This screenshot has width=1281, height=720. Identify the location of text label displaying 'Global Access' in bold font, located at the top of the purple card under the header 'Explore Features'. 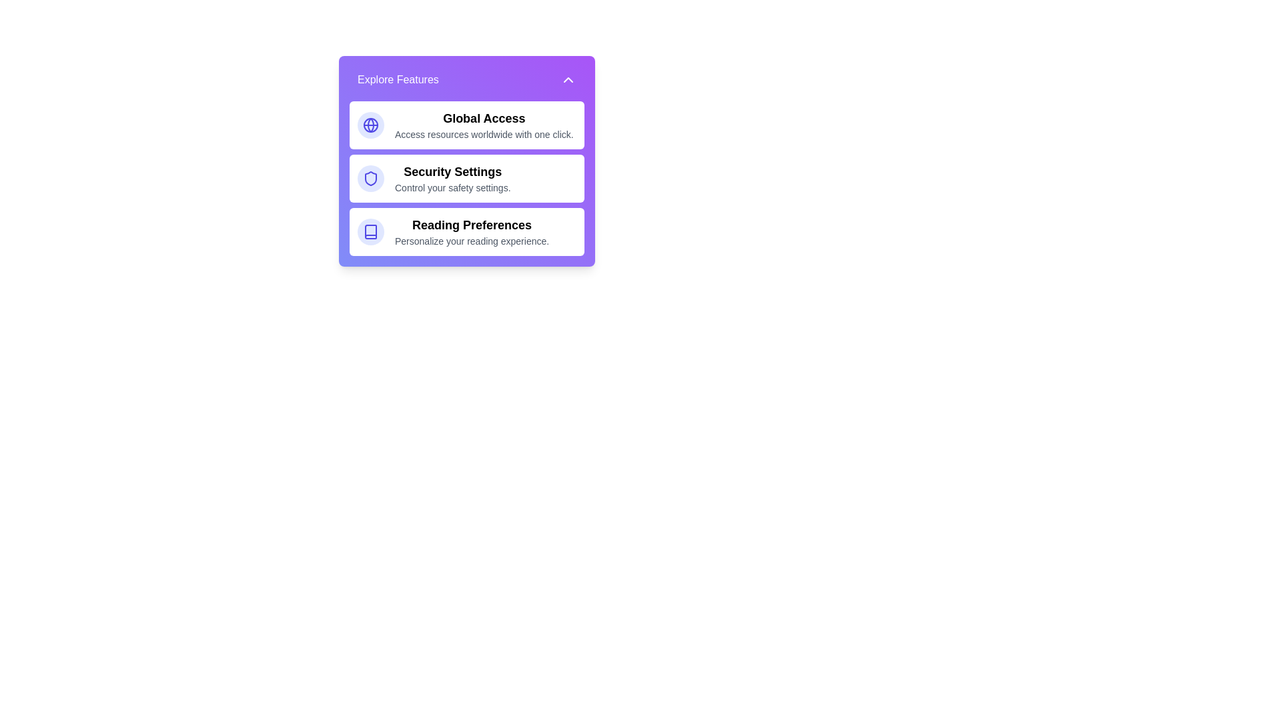
(483, 117).